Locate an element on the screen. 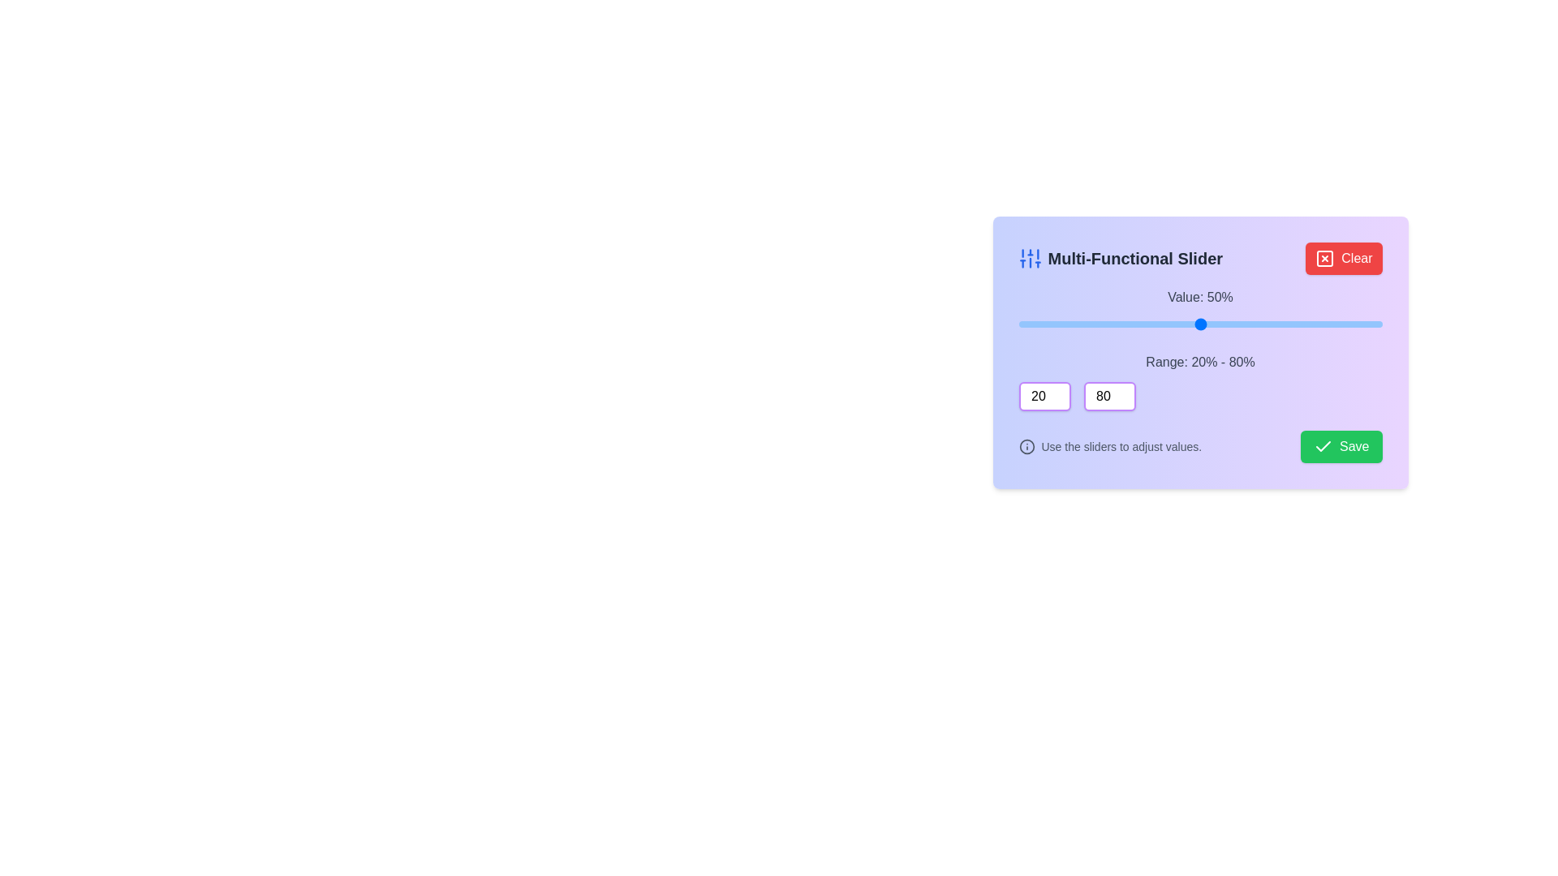  the leftmost numerical input field that allows users to input or adjust the start value of a range to trigger any tooltips is located at coordinates (1044, 397).